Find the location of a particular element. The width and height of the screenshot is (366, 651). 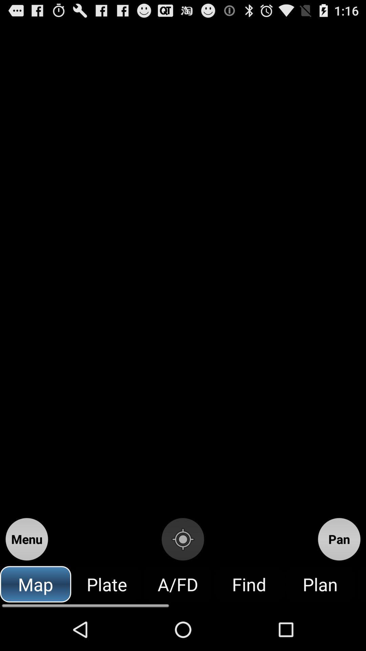

item to the right of menu button is located at coordinates (182, 539).